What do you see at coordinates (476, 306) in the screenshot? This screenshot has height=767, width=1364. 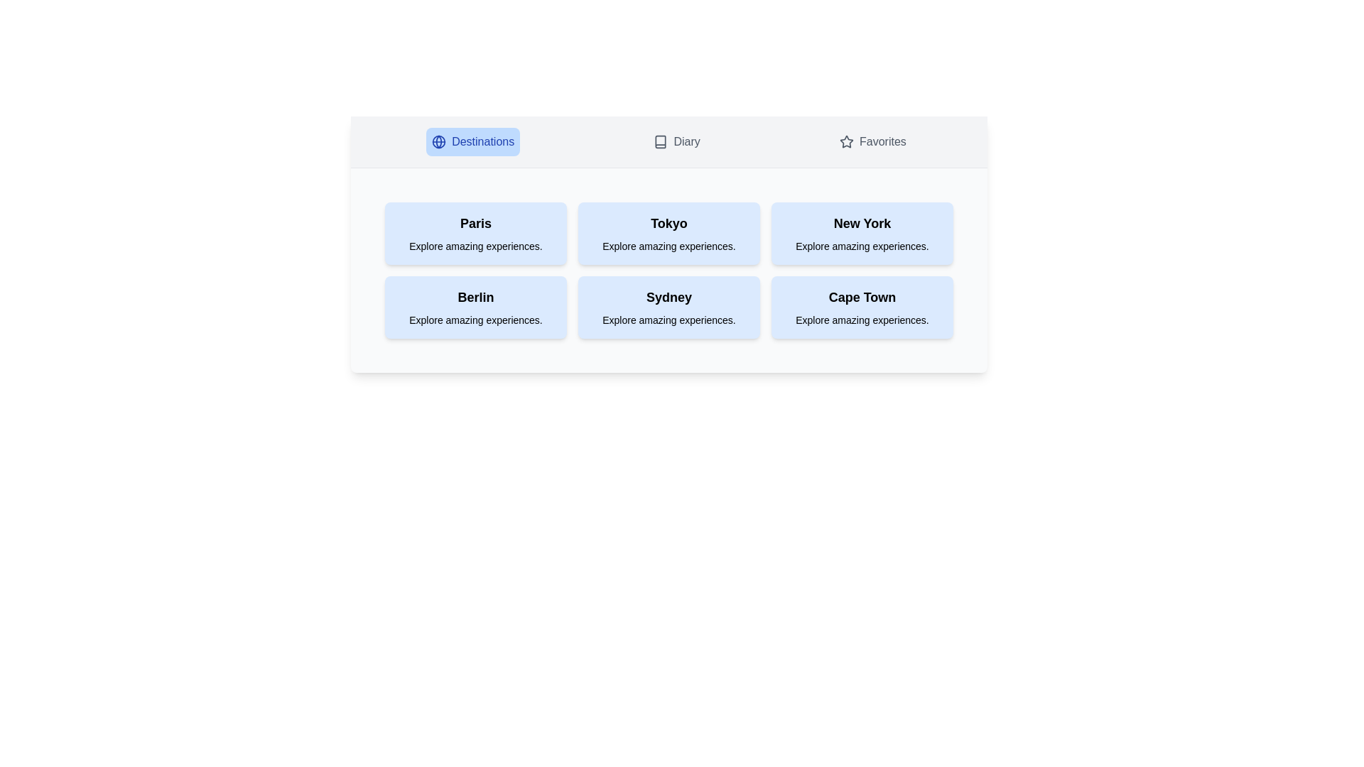 I see `the destination card labeled Berlin` at bounding box center [476, 306].